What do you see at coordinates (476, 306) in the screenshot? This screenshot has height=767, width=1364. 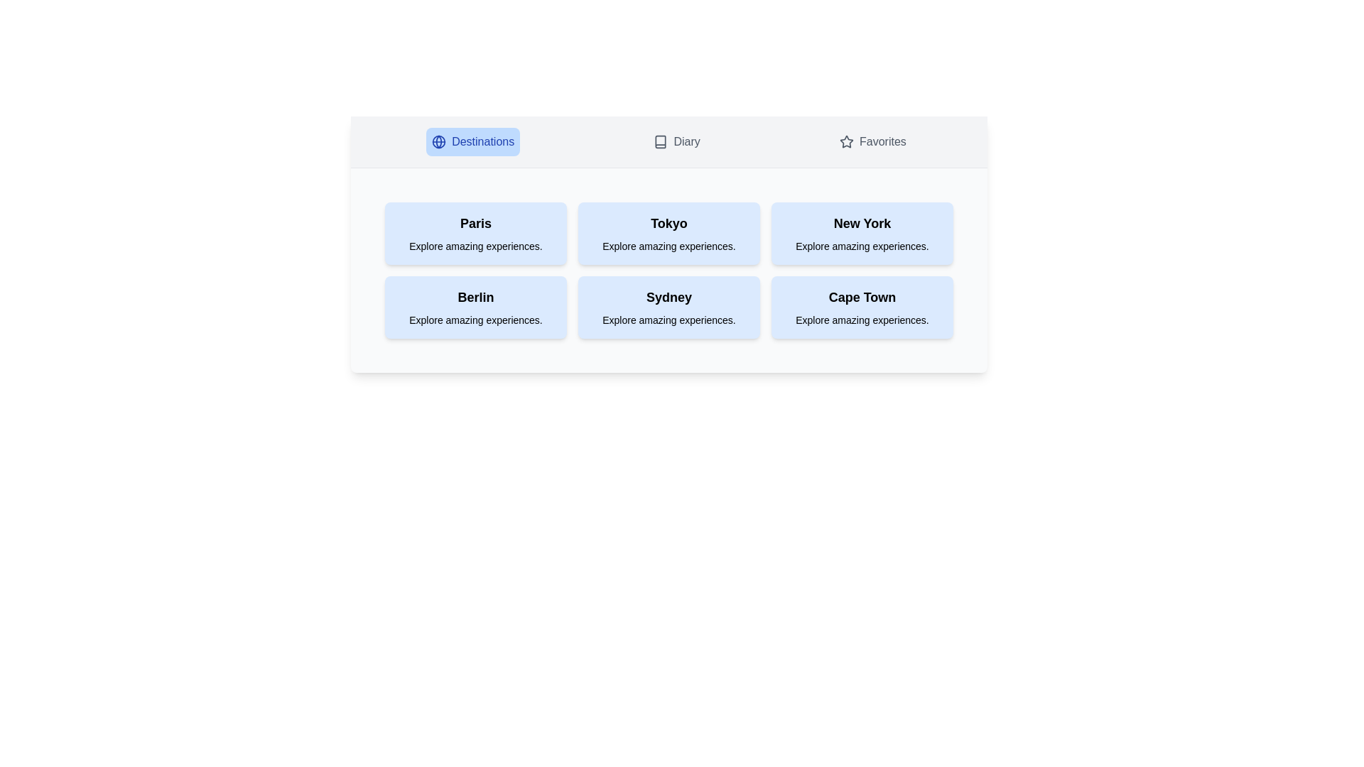 I see `the destination card labeled Berlin` at bounding box center [476, 306].